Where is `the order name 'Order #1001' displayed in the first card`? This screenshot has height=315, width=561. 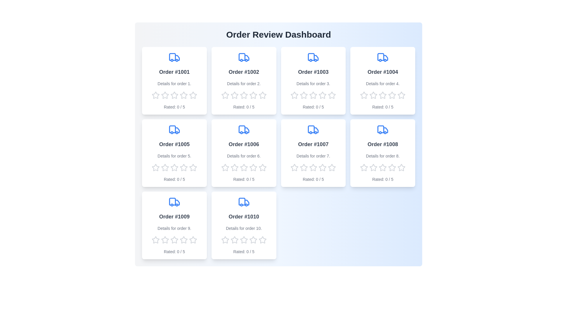
the order name 'Order #1001' displayed in the first card is located at coordinates (174, 71).